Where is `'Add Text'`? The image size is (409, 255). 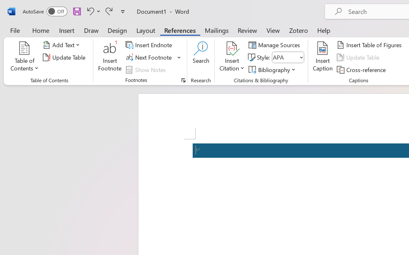 'Add Text' is located at coordinates (62, 45).